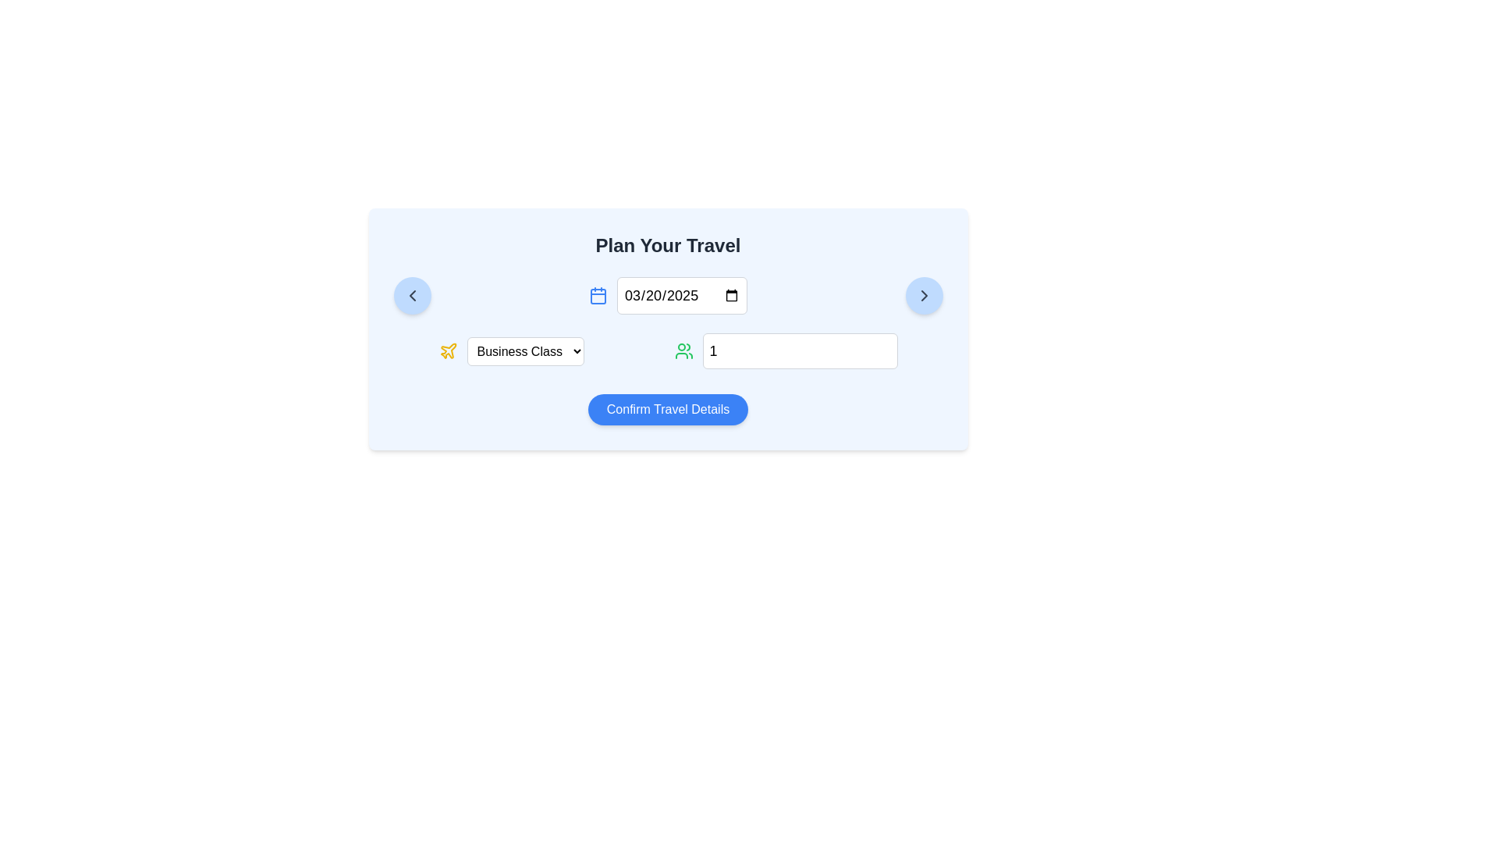 This screenshot has width=1498, height=843. What do you see at coordinates (598, 297) in the screenshot?
I see `the graphical element inside the calendar icon, located near its central upper-left quadrant, which visually represents part of the calendar` at bounding box center [598, 297].